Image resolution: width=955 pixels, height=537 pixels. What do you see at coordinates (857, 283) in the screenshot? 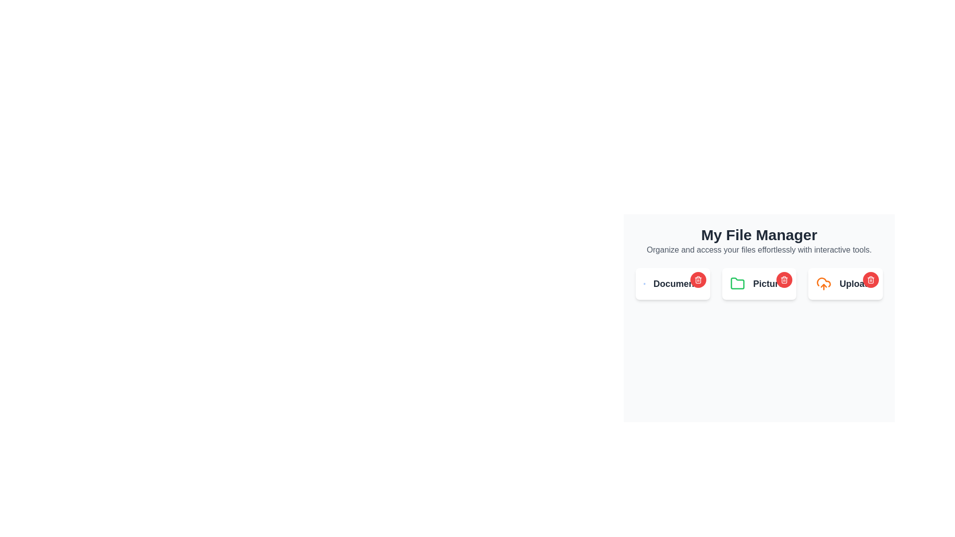
I see `the 'Uploads' text label that indicates the upload functionality by moving the cursor to its center point for reading` at bounding box center [857, 283].